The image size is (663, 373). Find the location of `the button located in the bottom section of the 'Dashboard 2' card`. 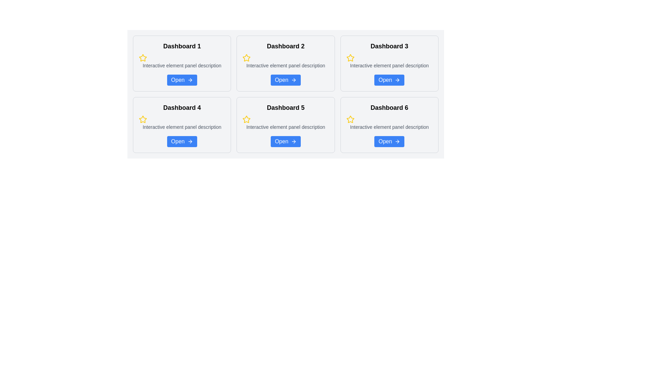

the button located in the bottom section of the 'Dashboard 2' card is located at coordinates (285, 79).